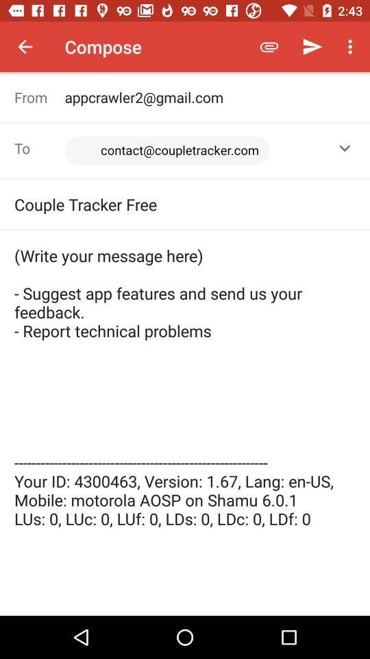  What do you see at coordinates (269, 47) in the screenshot?
I see `icon above appcrawler2@gmail.com` at bounding box center [269, 47].